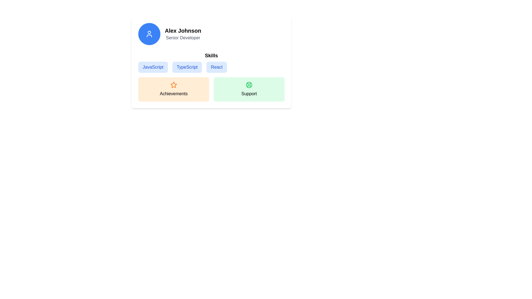 The image size is (532, 299). Describe the element at coordinates (216, 67) in the screenshot. I see `the informational label indicating a skill or tag associated with the profile, which is the third item in a row of three items under 'Skills'` at that location.